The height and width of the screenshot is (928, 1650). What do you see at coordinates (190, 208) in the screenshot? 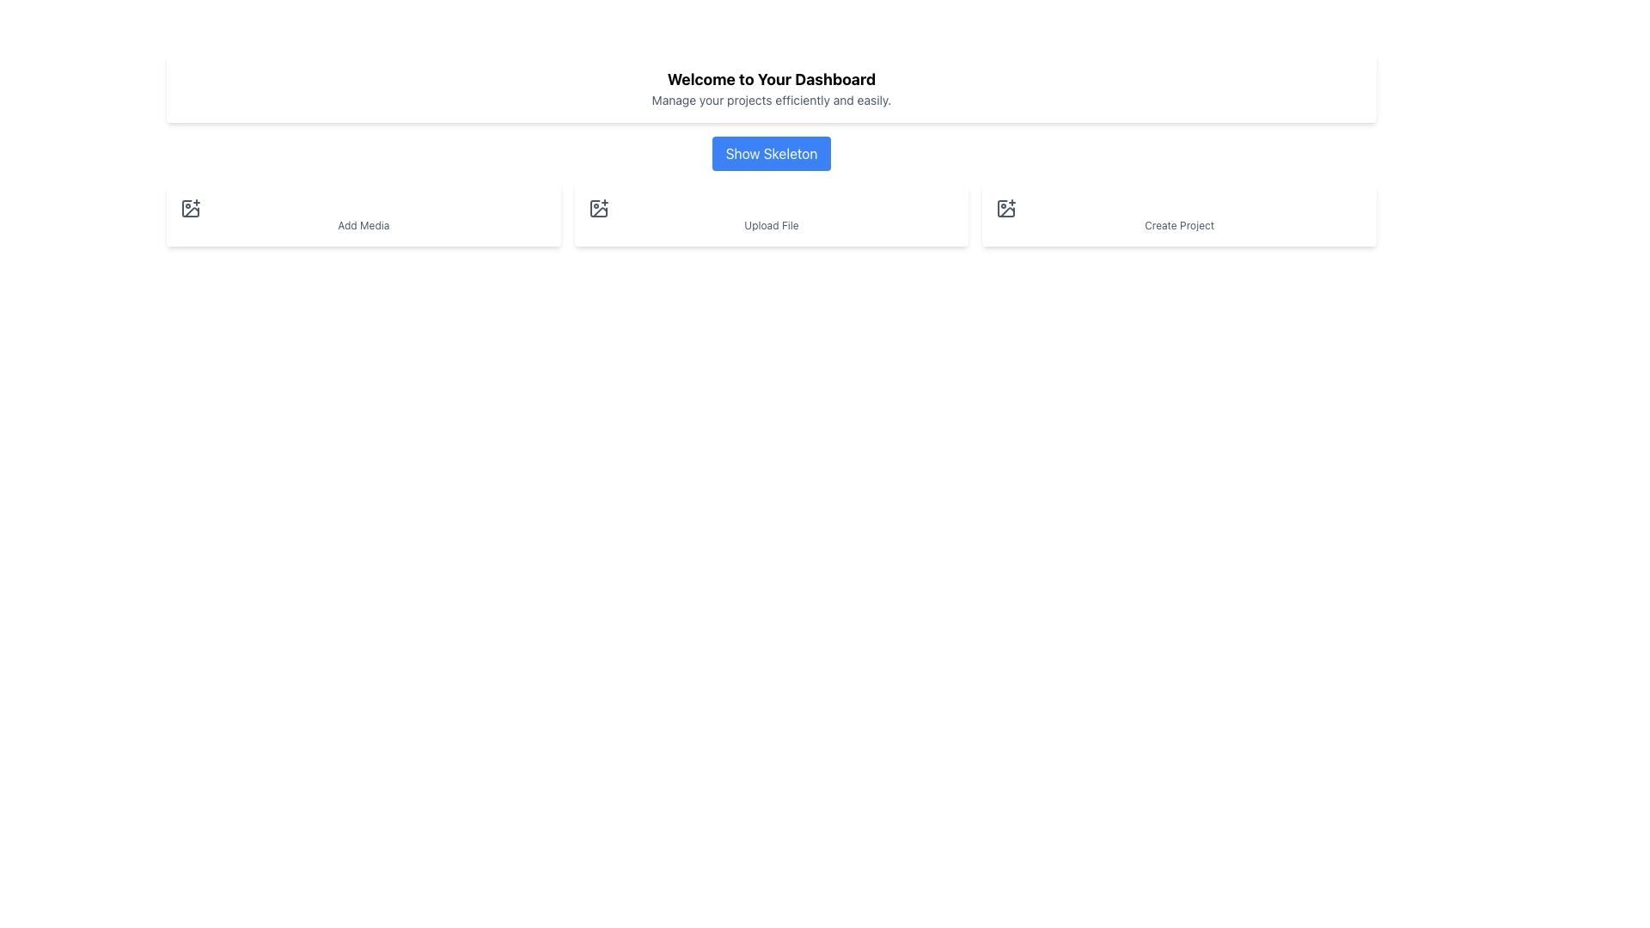
I see `the small gray icon with a plus sign in the 'Add Media' section` at bounding box center [190, 208].